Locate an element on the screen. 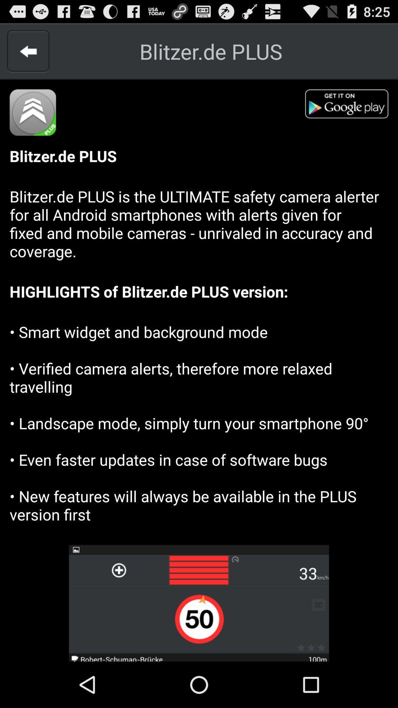 The height and width of the screenshot is (708, 398). shows google play button is located at coordinates (351, 106).